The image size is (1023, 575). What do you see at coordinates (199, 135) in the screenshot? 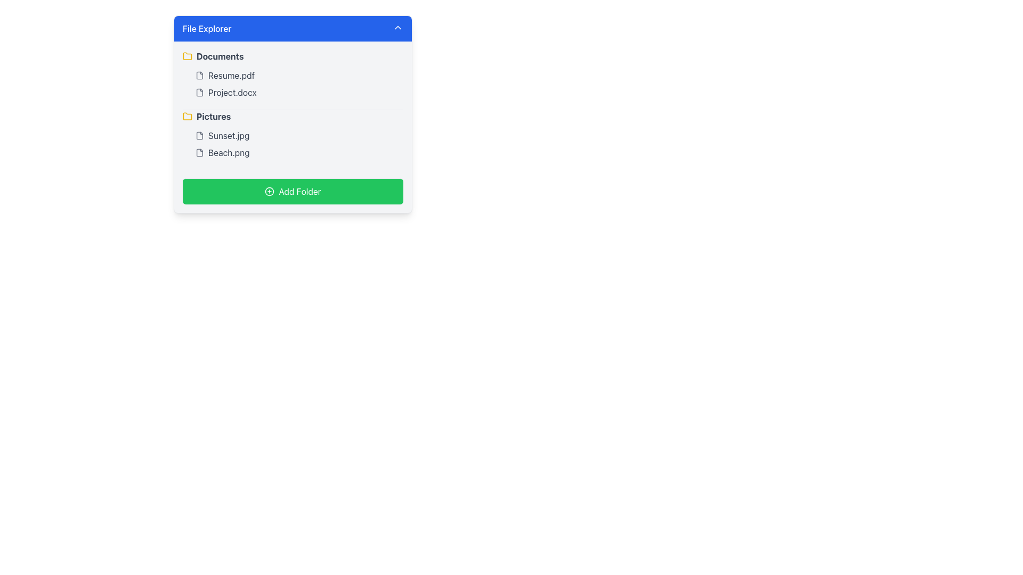
I see `the icon representing the file 'Sunset.jpg' located` at bounding box center [199, 135].